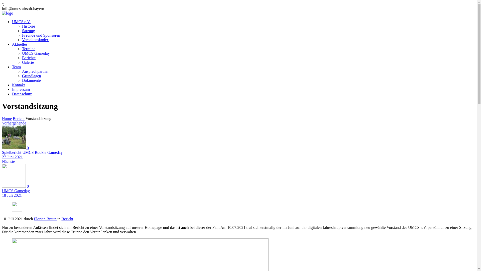 This screenshot has width=481, height=271. What do you see at coordinates (35, 39) in the screenshot?
I see `'Verhaltenskodex'` at bounding box center [35, 39].